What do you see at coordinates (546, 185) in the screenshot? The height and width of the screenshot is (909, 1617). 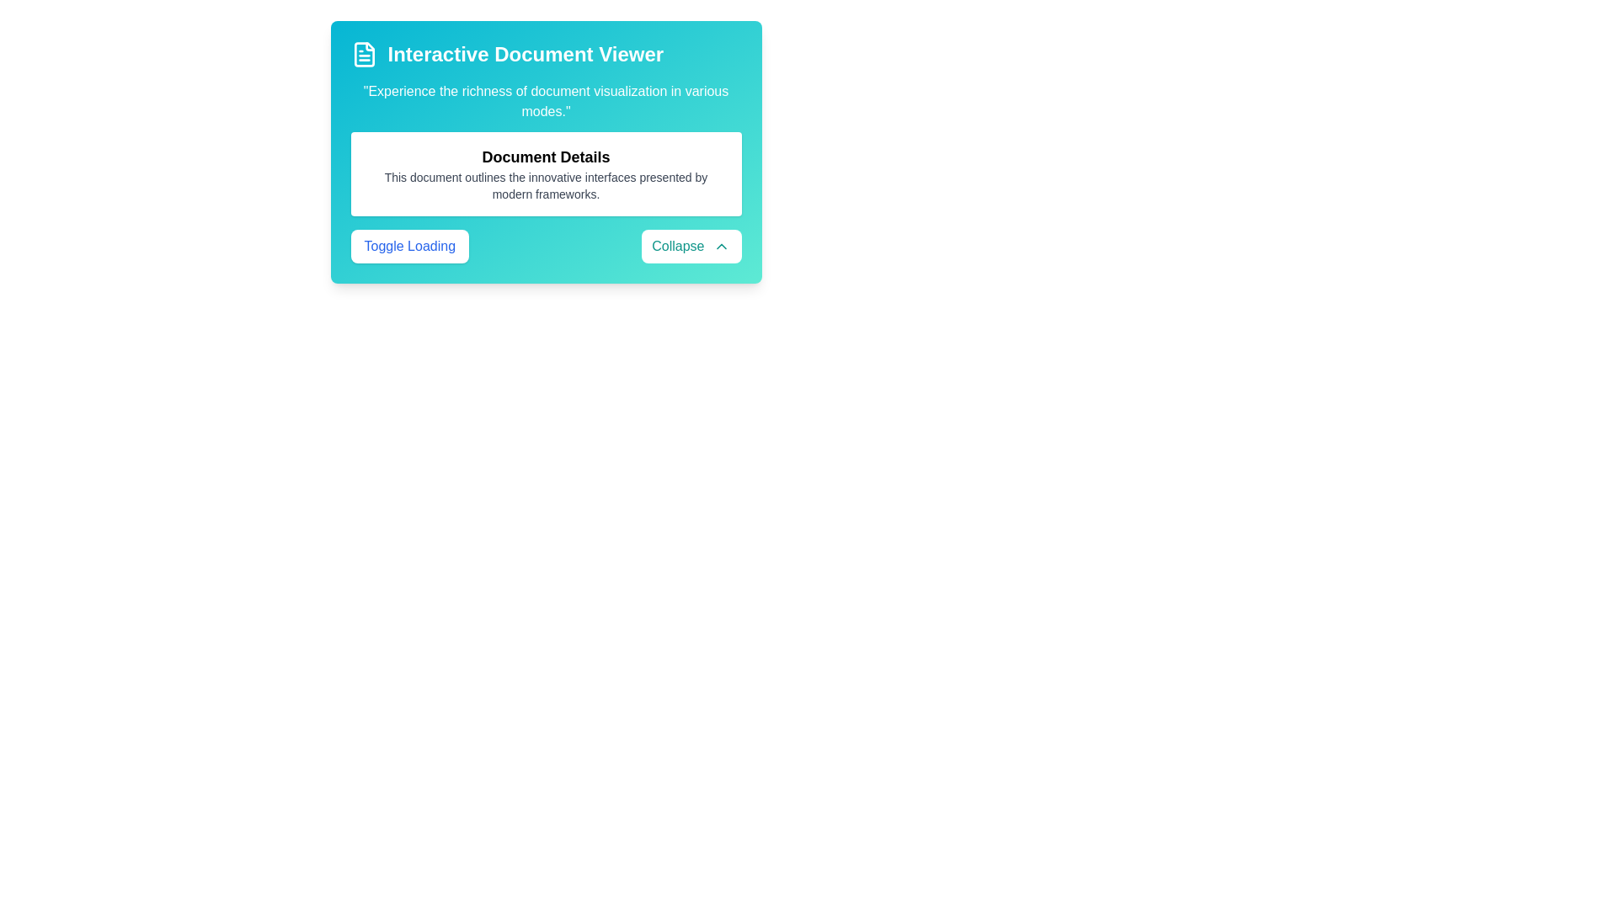 I see `the text display element containing the text 'This document outlines the innovative interfaces presented by modern frameworks.' located below the heading 'Document Details'` at bounding box center [546, 185].